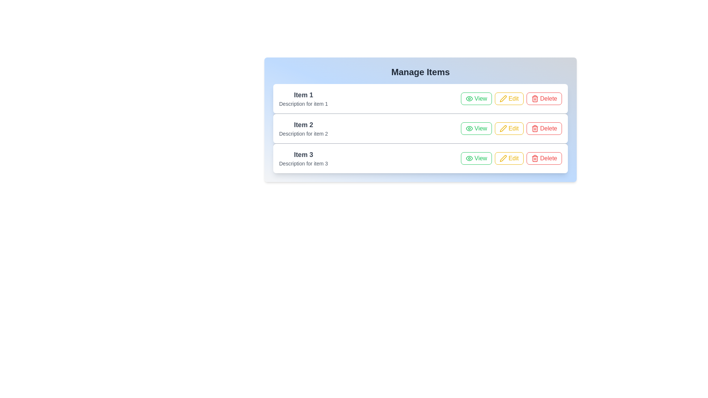 The width and height of the screenshot is (708, 398). I want to click on the 'Edit' button for the item labeled Item 3, so click(509, 158).